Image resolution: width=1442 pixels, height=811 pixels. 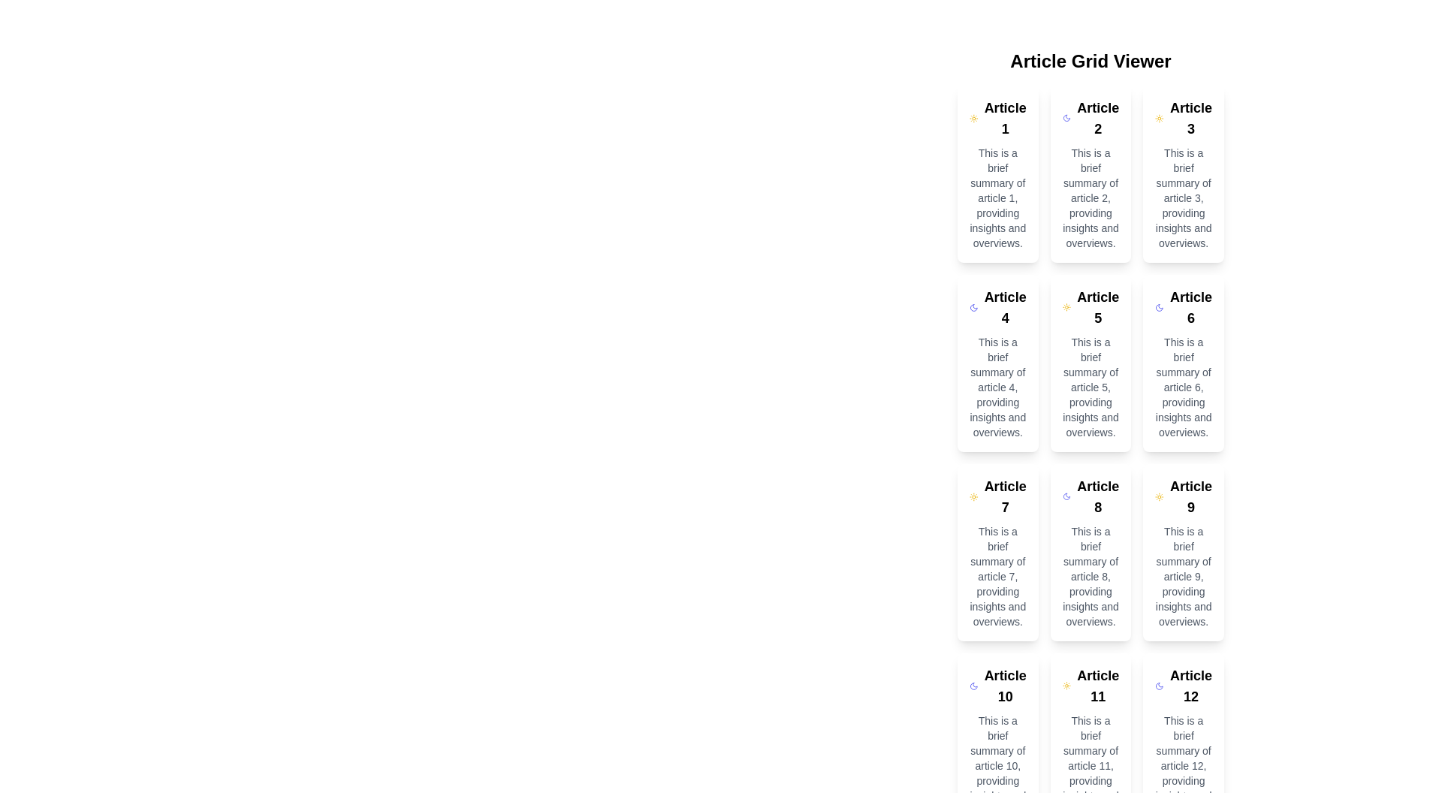 I want to click on summary of the article displayed in the text block located below the title 'Article 1' in the top-left corner of the grid, so click(x=997, y=197).